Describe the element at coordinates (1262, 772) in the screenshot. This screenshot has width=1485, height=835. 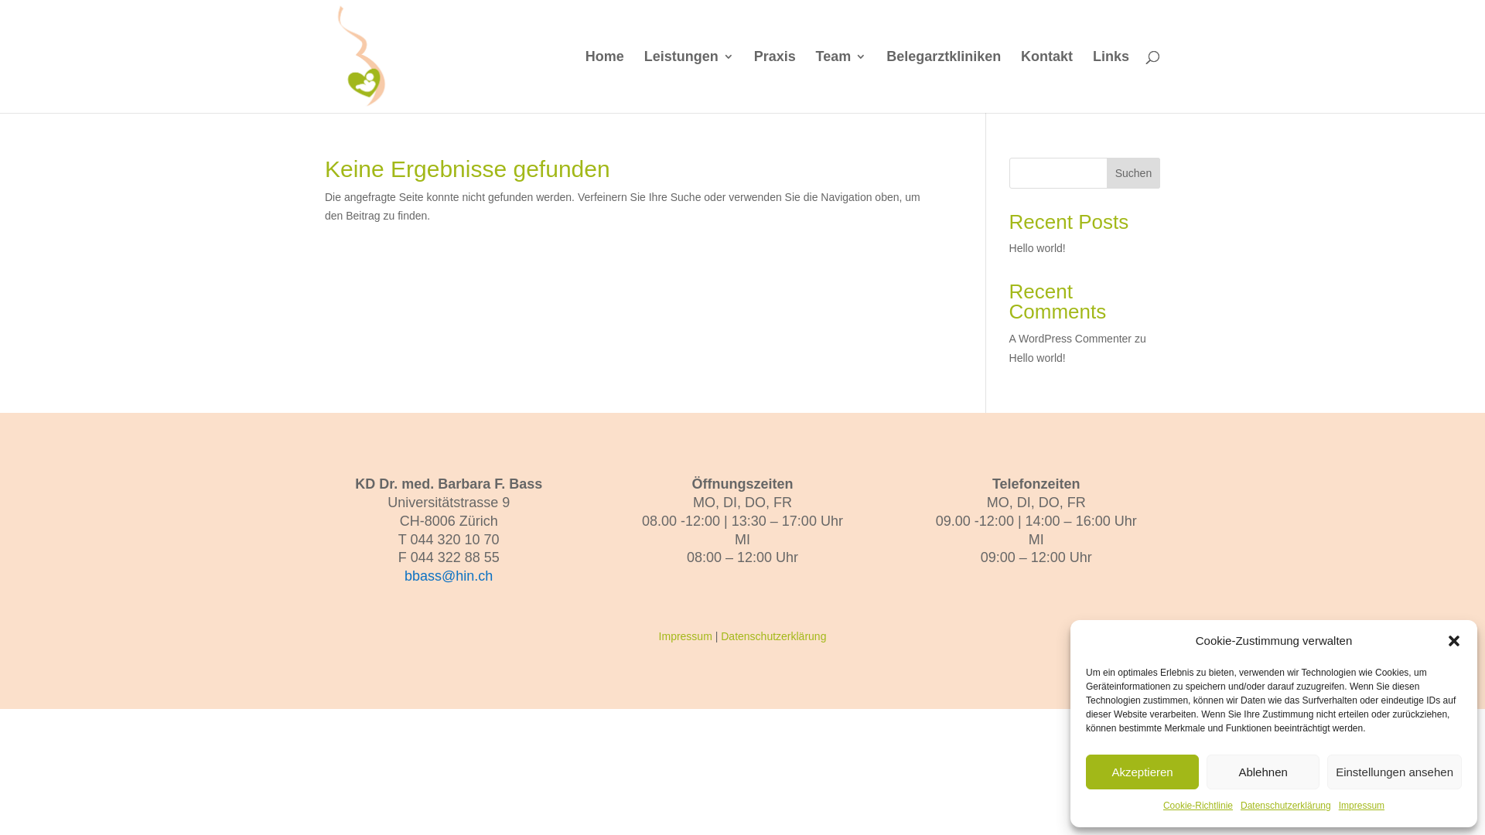
I see `'Ablehnen'` at that location.